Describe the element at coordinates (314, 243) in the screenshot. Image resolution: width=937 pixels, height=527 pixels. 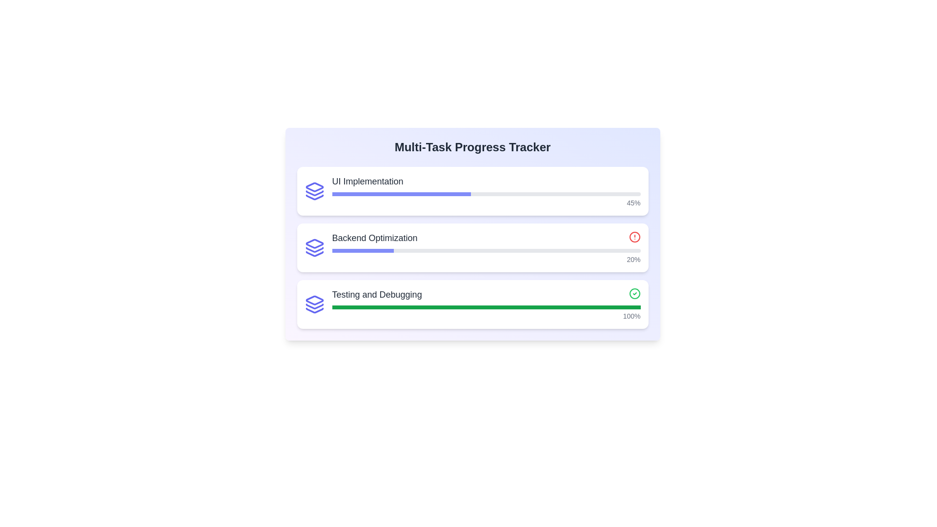
I see `the topmost layer icon in the SVG graphic next to the 'Backend Optimization' label` at that location.